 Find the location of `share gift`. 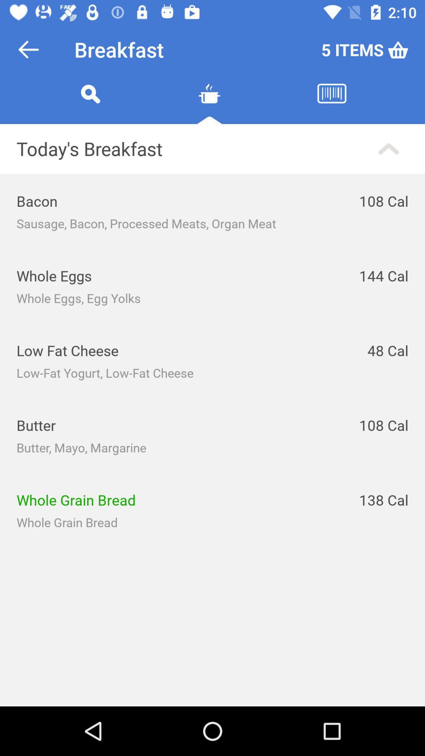

share gift is located at coordinates (209, 103).